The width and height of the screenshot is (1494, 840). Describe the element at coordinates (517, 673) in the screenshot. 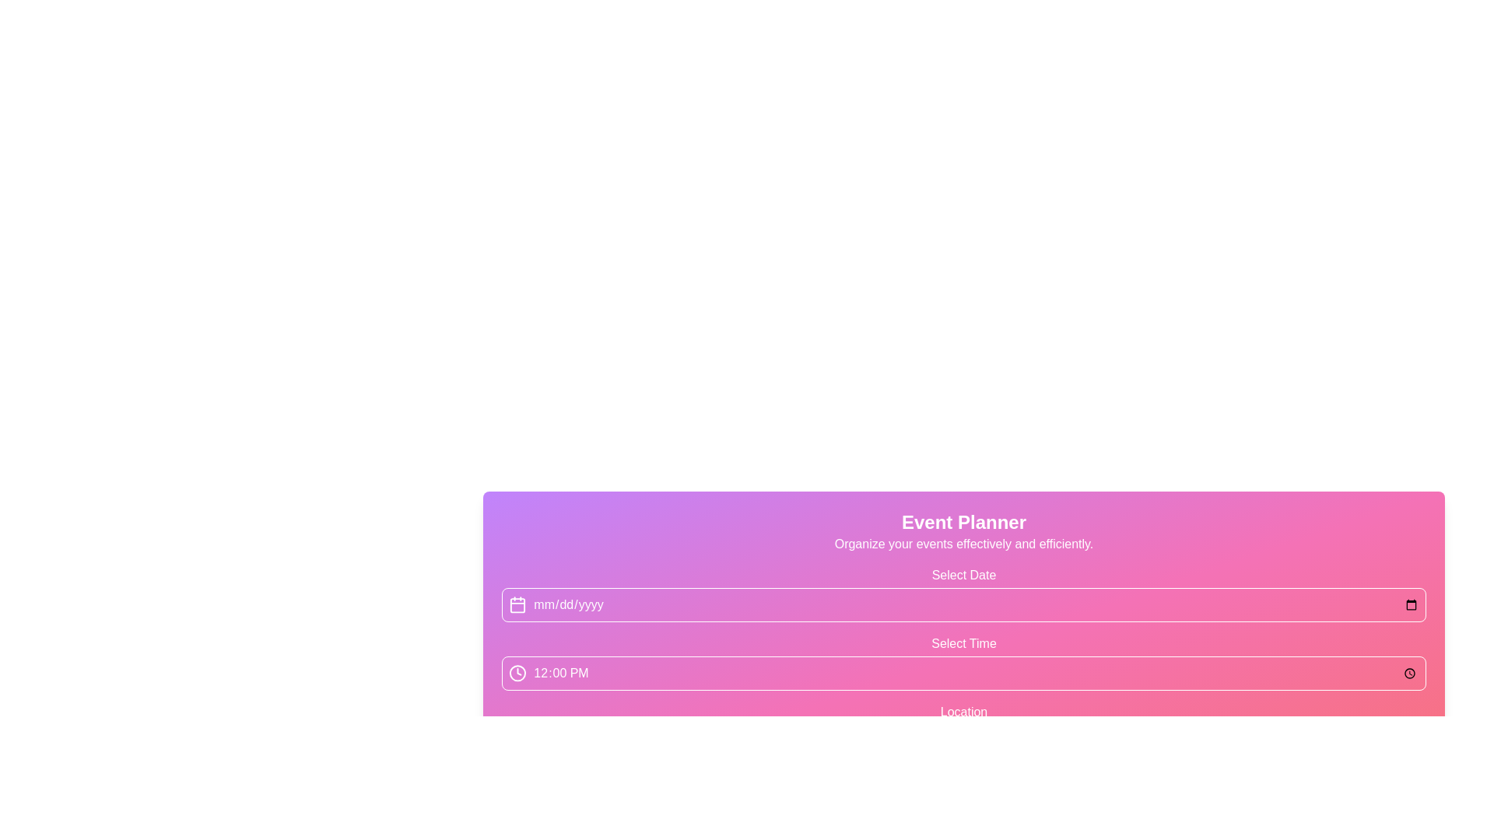

I see `the SVG Circle icon representing time selection, located to the immediate left of the text '12:00 PM' in the second input row of the form layout` at that location.